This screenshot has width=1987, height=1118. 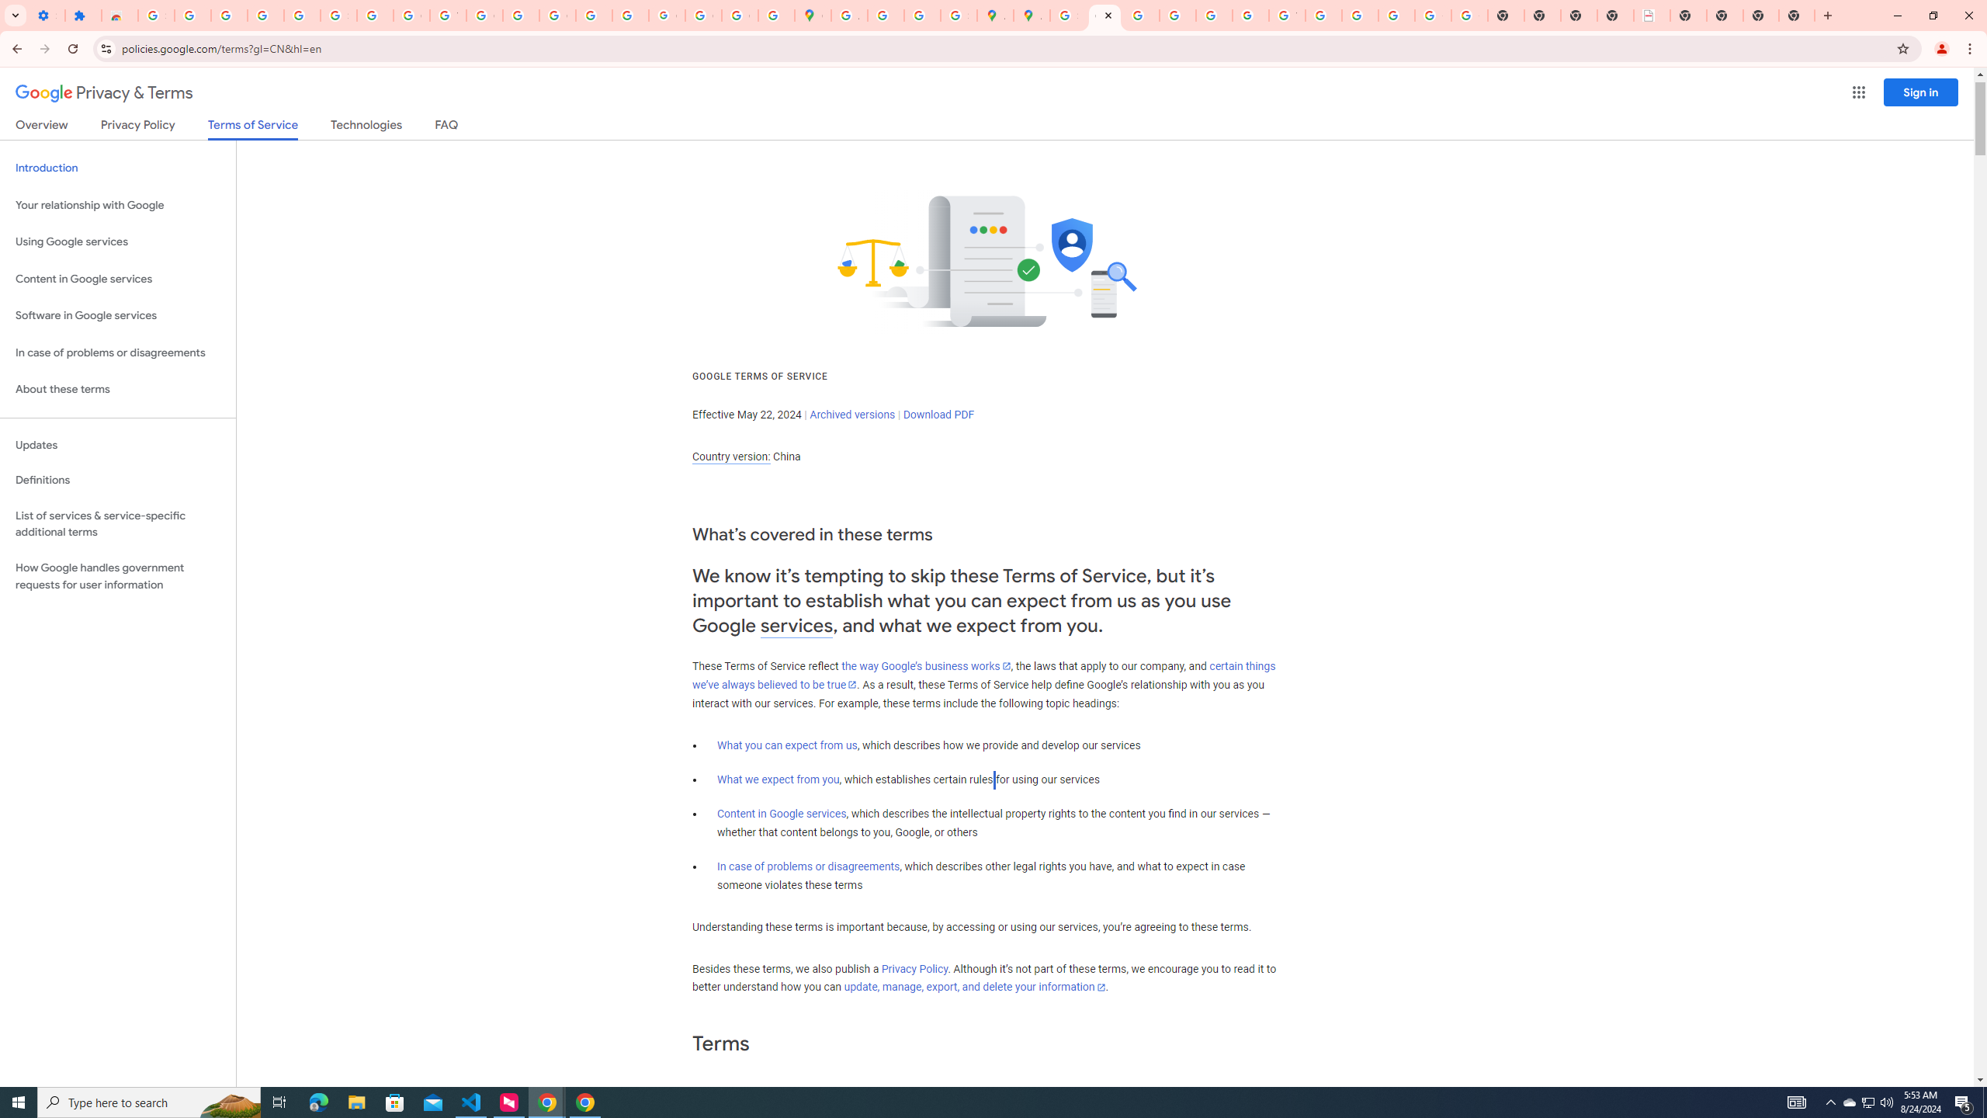 What do you see at coordinates (338, 15) in the screenshot?
I see `'Sign in - Google Accounts'` at bounding box center [338, 15].